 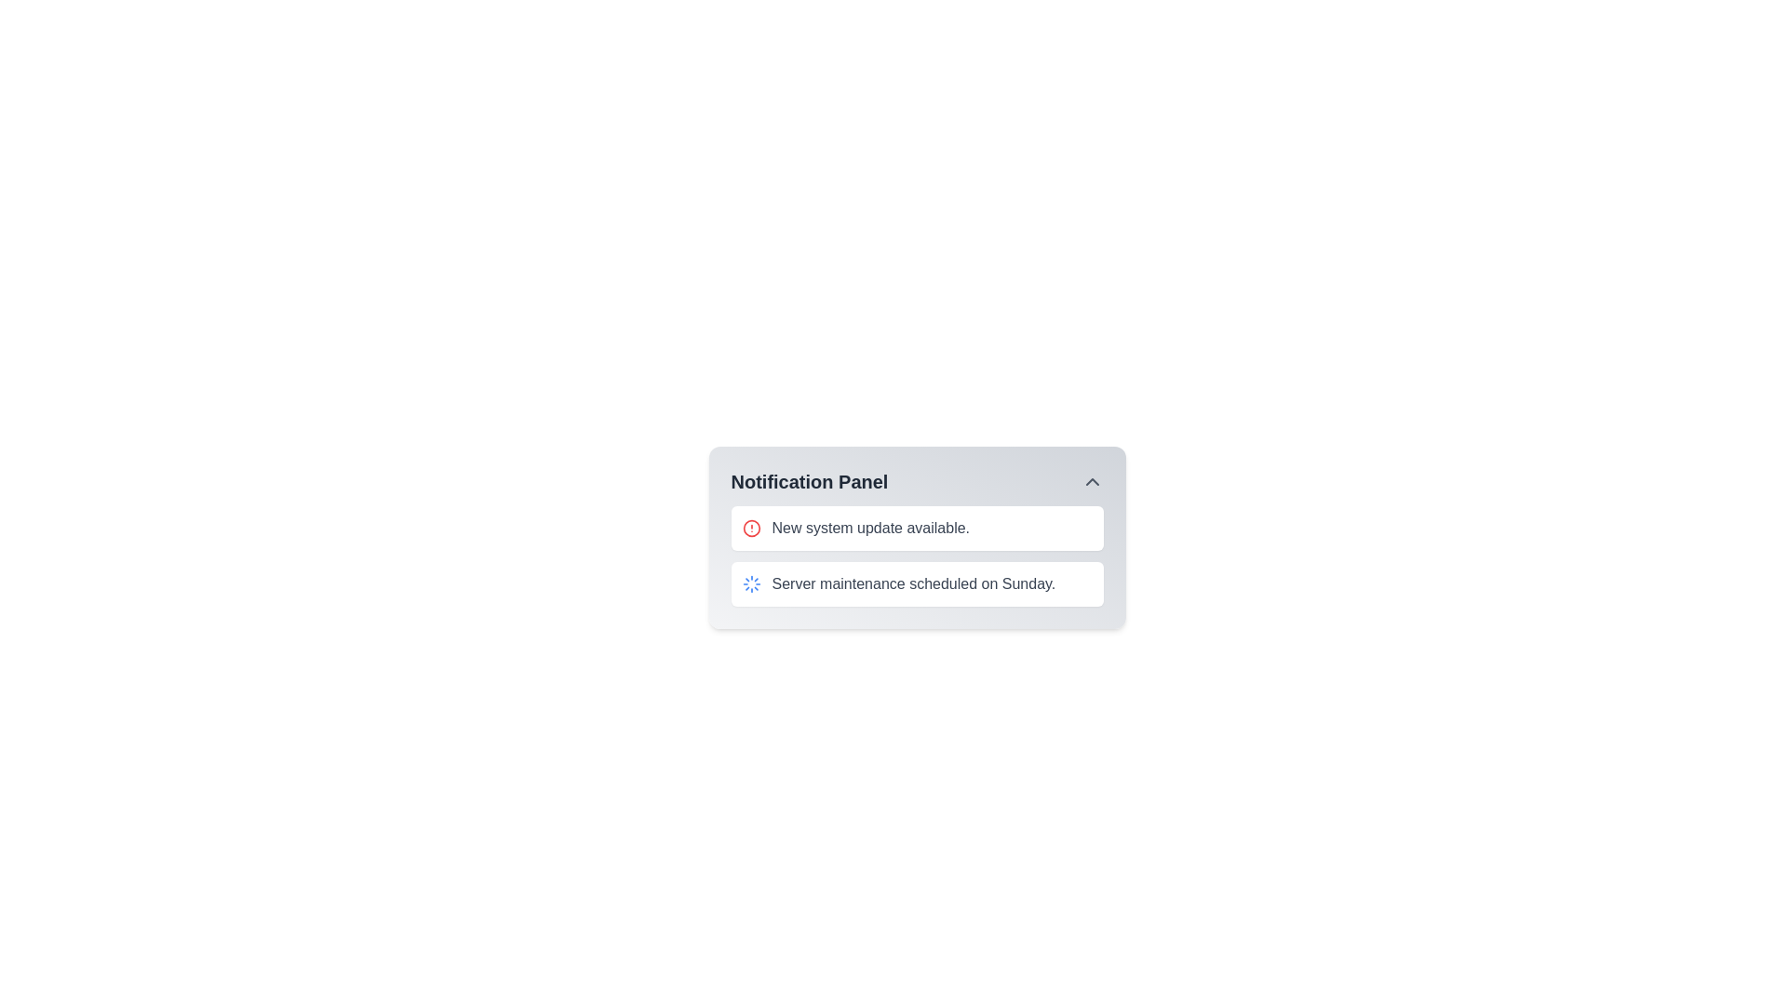 What do you see at coordinates (869, 528) in the screenshot?
I see `the textual notification that reads 'New system update available.' within the notification panel` at bounding box center [869, 528].